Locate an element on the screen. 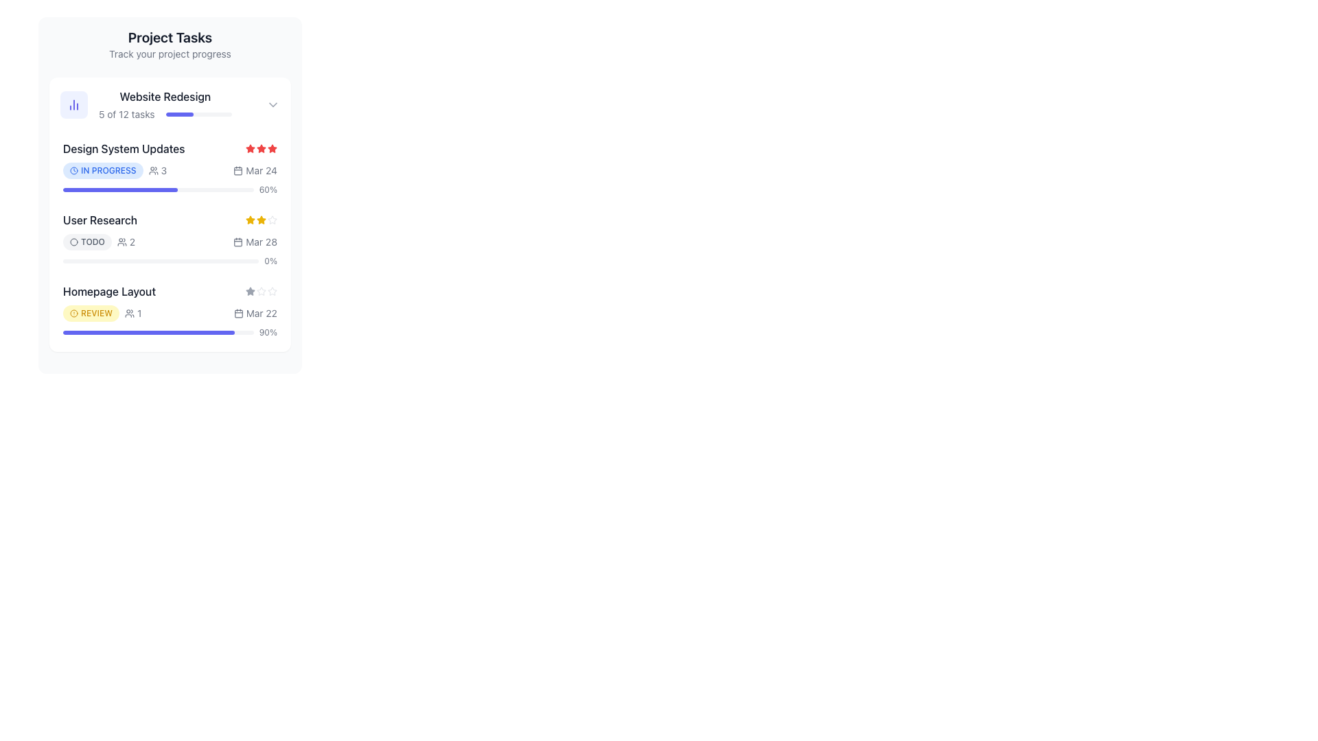  the progress bar within the task management card is located at coordinates (170, 196).